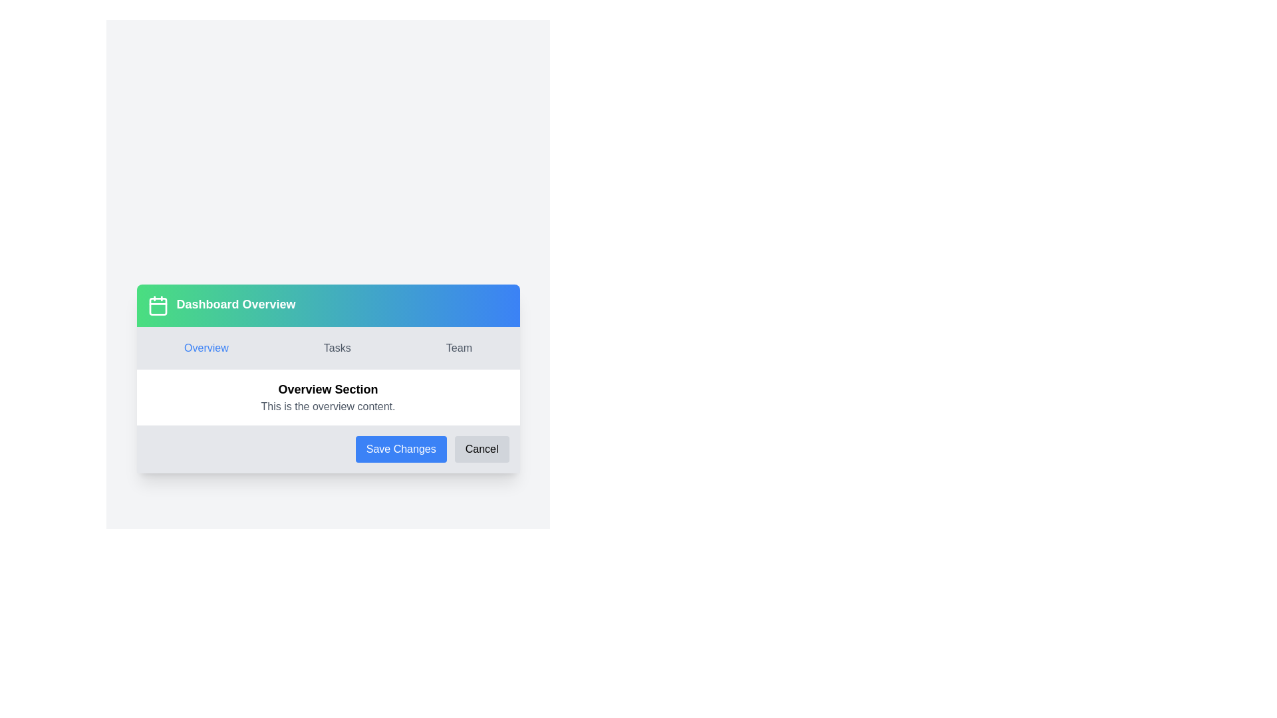 This screenshot has height=718, width=1277. Describe the element at coordinates (337, 348) in the screenshot. I see `the 'Tasks' clickable text link in the horizontal navigation menu` at that location.